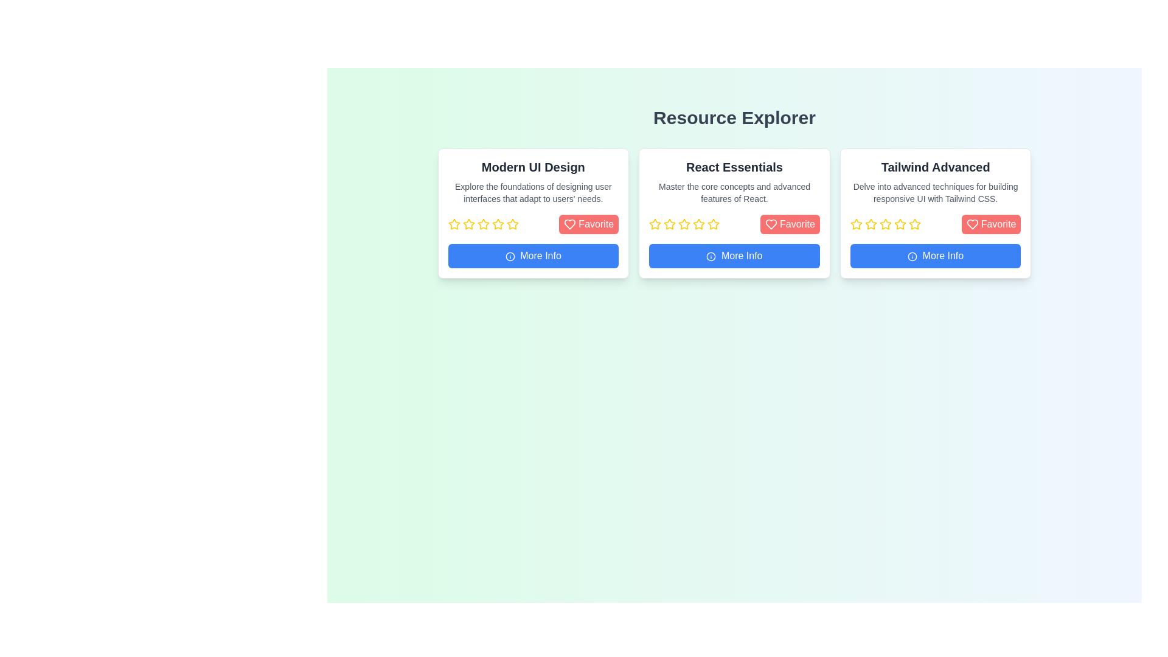  Describe the element at coordinates (912, 255) in the screenshot. I see `the circular information icon with a 10-pixel radius located within the 'More Info' button of the 'Tailwind Advanced' card` at that location.